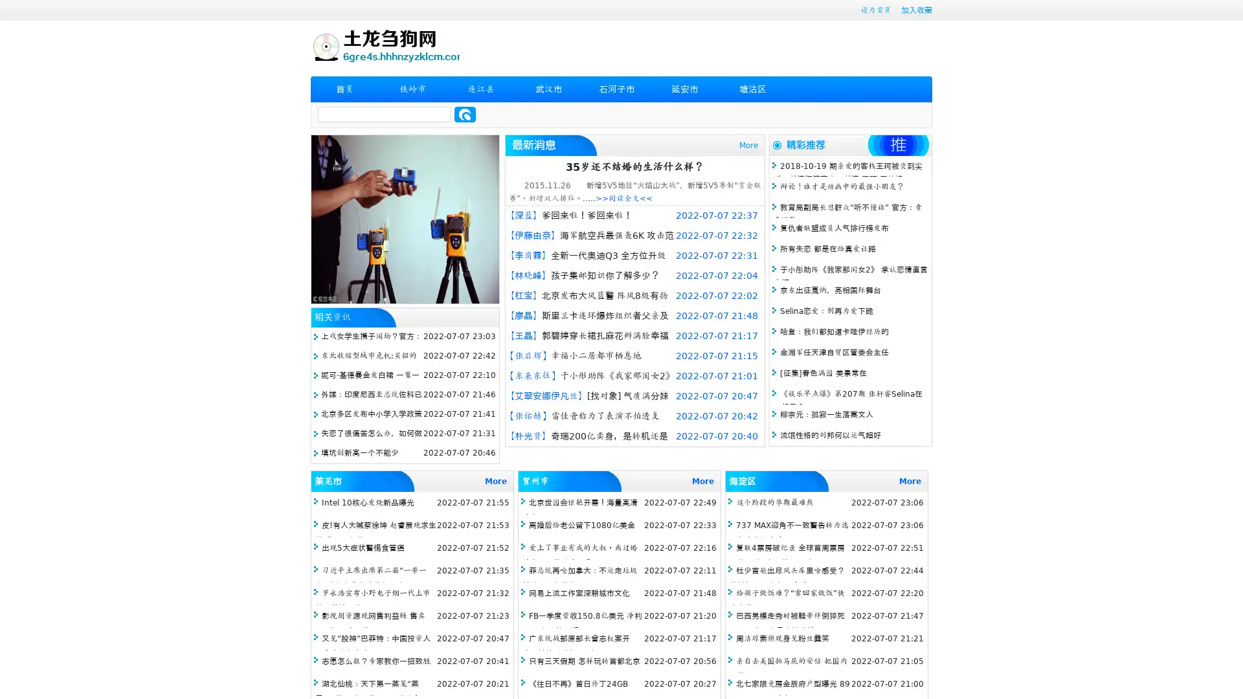 Image resolution: width=1243 pixels, height=699 pixels. I want to click on Search, so click(465, 114).